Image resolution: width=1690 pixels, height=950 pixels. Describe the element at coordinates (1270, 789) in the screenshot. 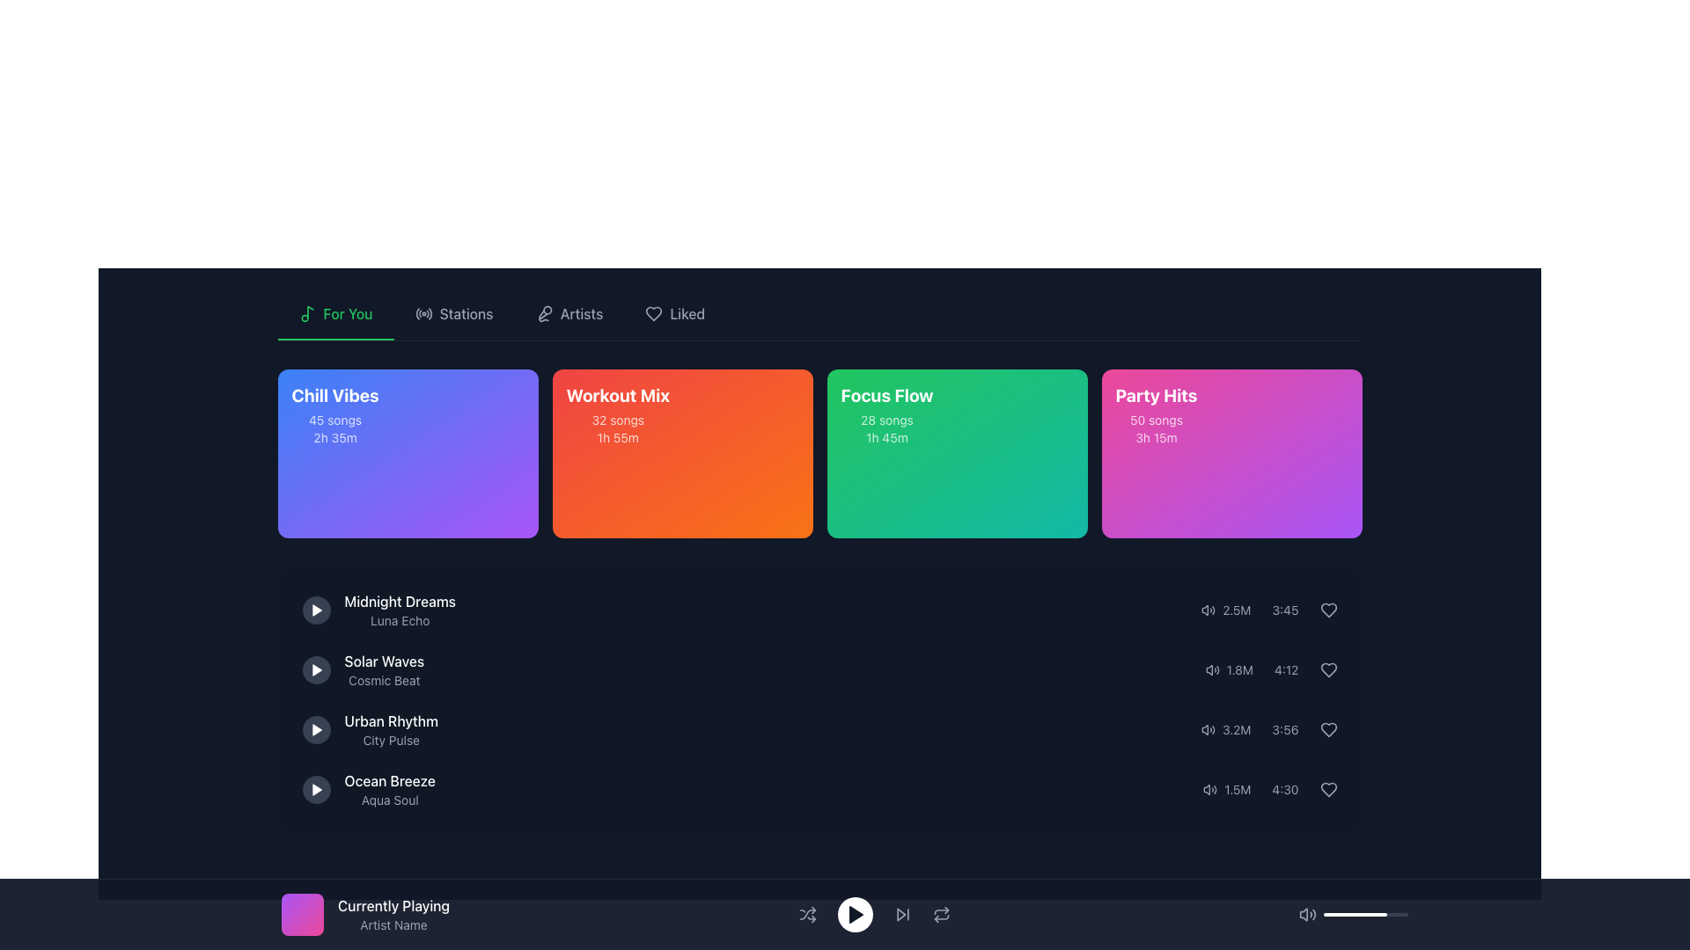

I see `the speaker icon located near the bottom of the panel, specifically in the fourth row of playlist entries, to adjust volume settings` at that location.